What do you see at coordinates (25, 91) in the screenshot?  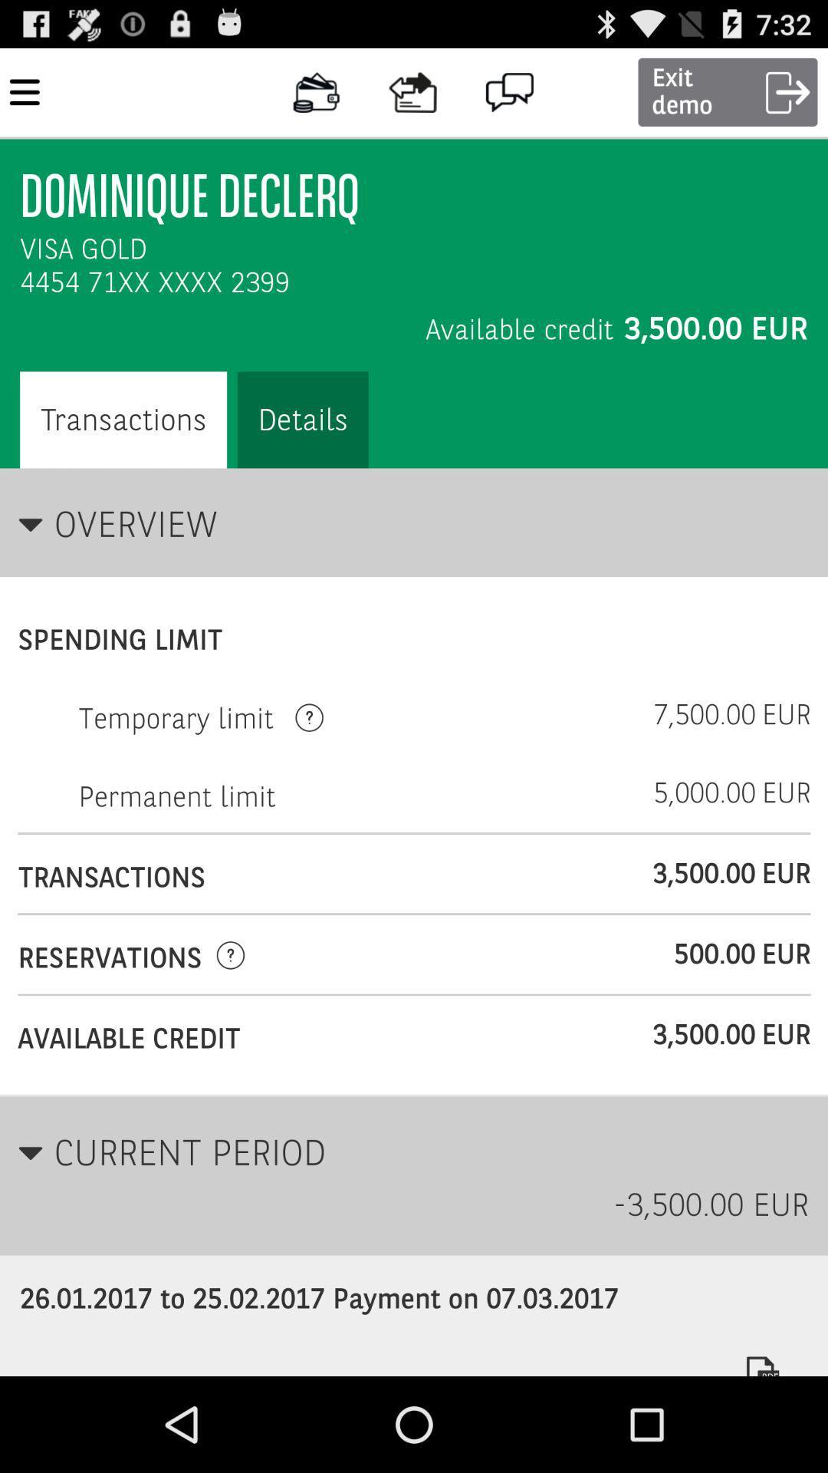 I see `the top left corner of menu bar` at bounding box center [25, 91].